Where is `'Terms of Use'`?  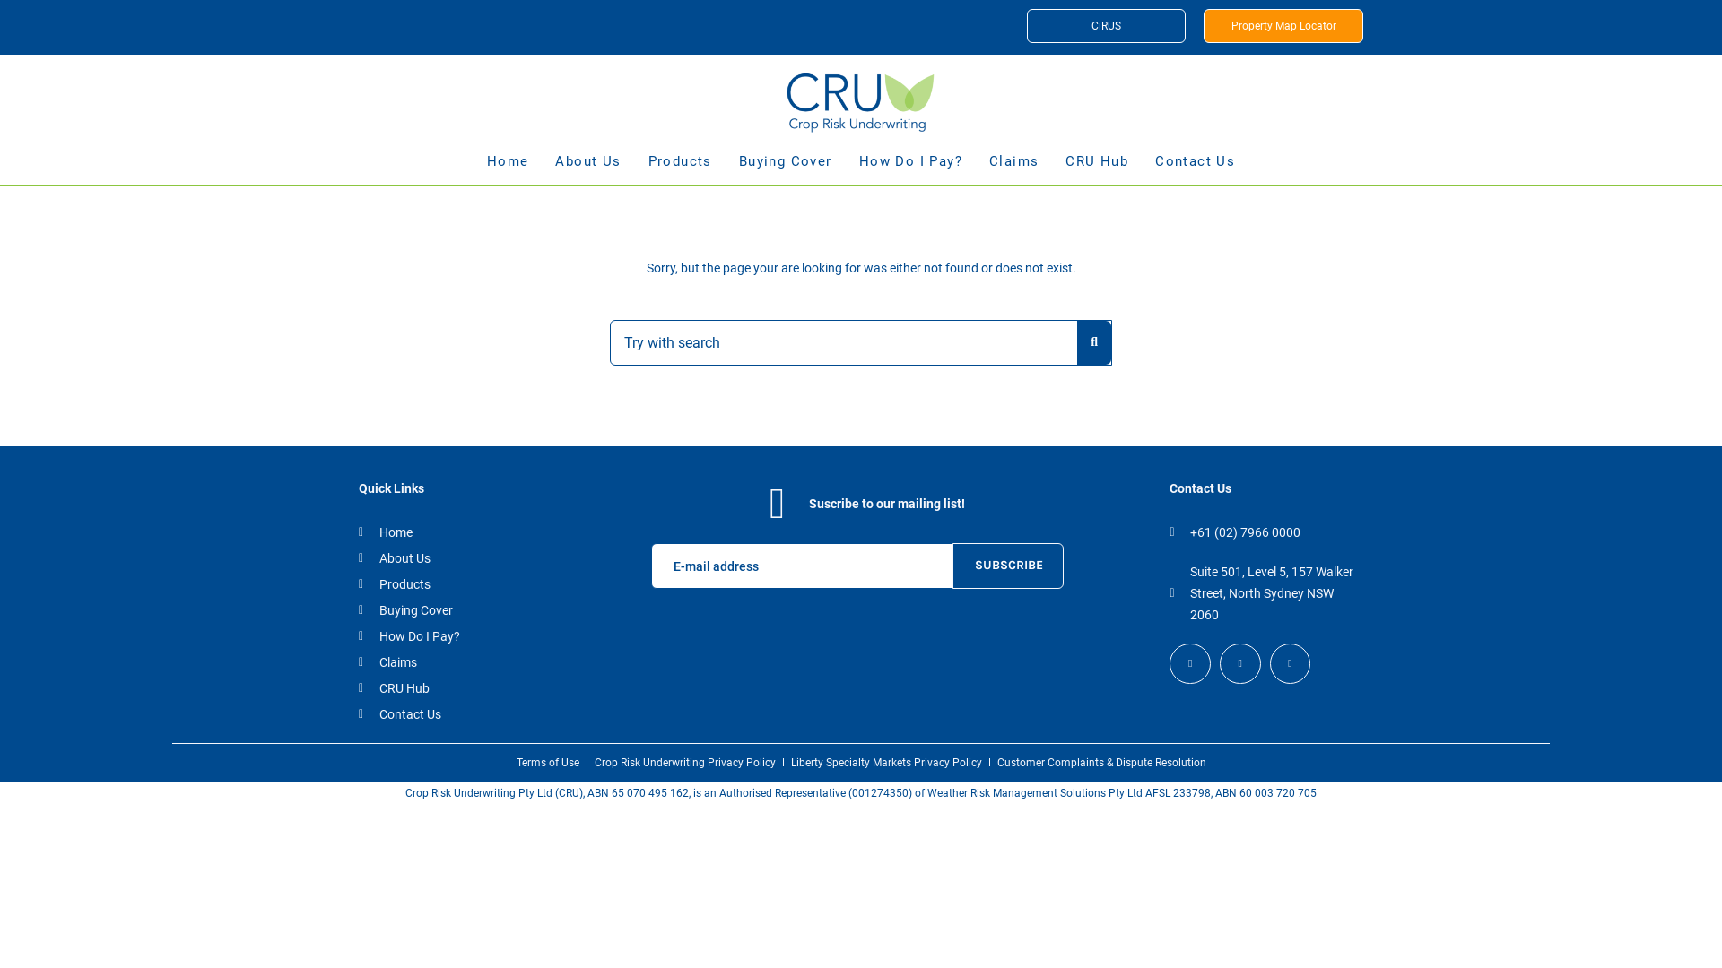 'Terms of Use' is located at coordinates (546, 763).